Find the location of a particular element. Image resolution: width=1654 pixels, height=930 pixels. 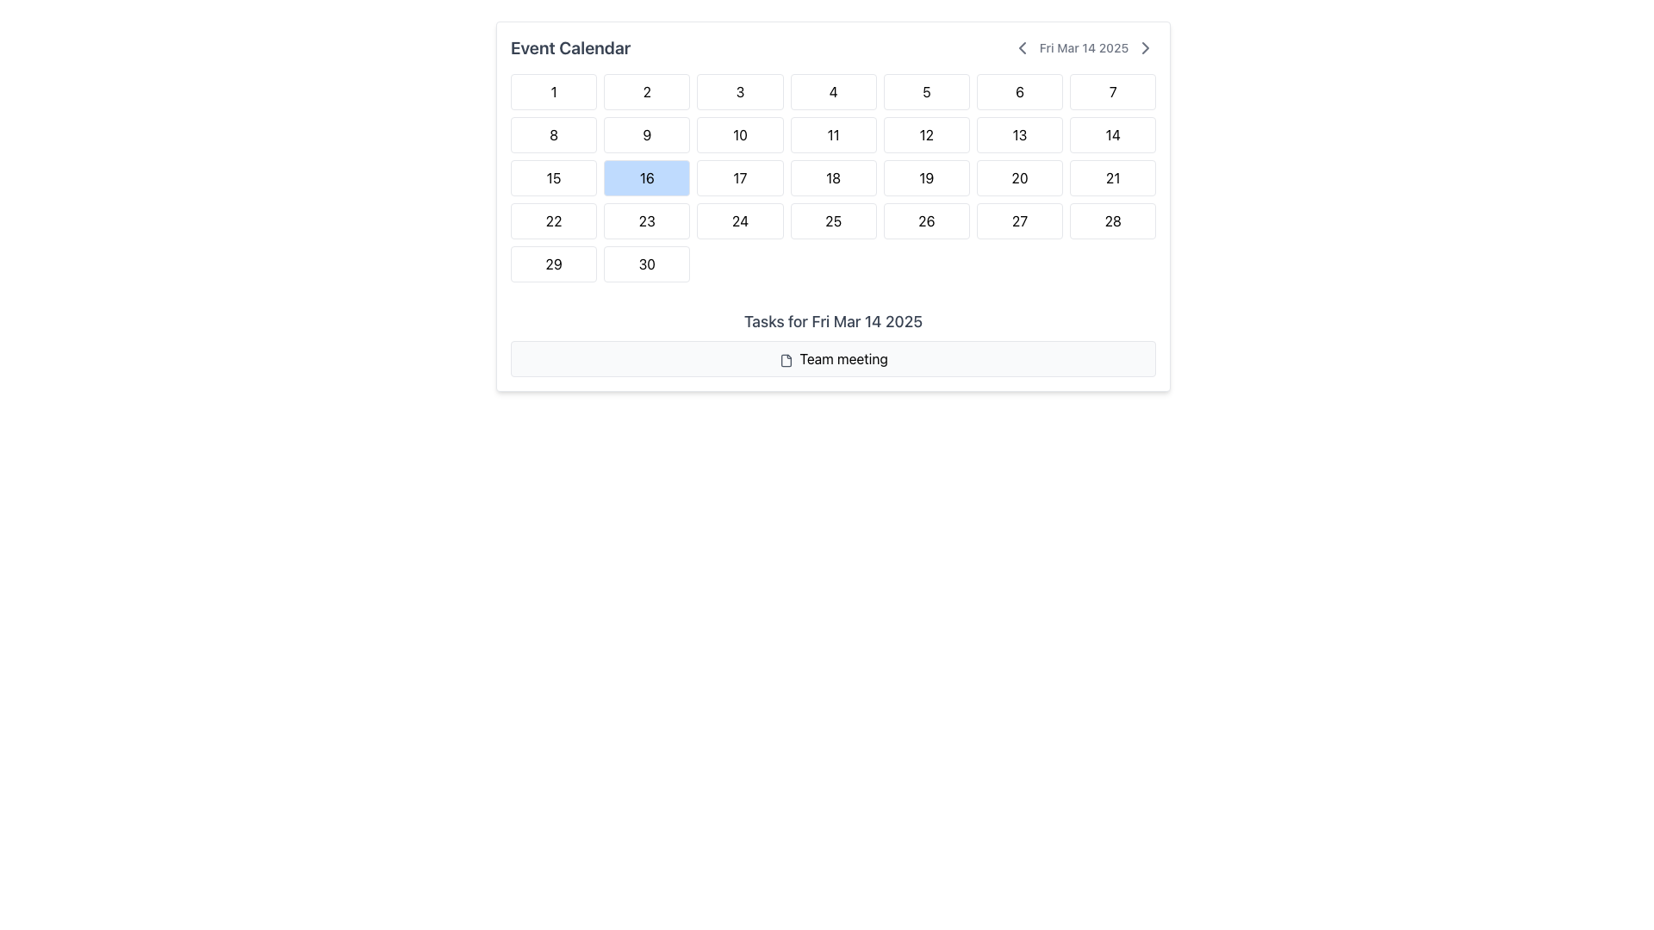

the button representing the 11th day of the month in the calendar interface is located at coordinates (833, 134).